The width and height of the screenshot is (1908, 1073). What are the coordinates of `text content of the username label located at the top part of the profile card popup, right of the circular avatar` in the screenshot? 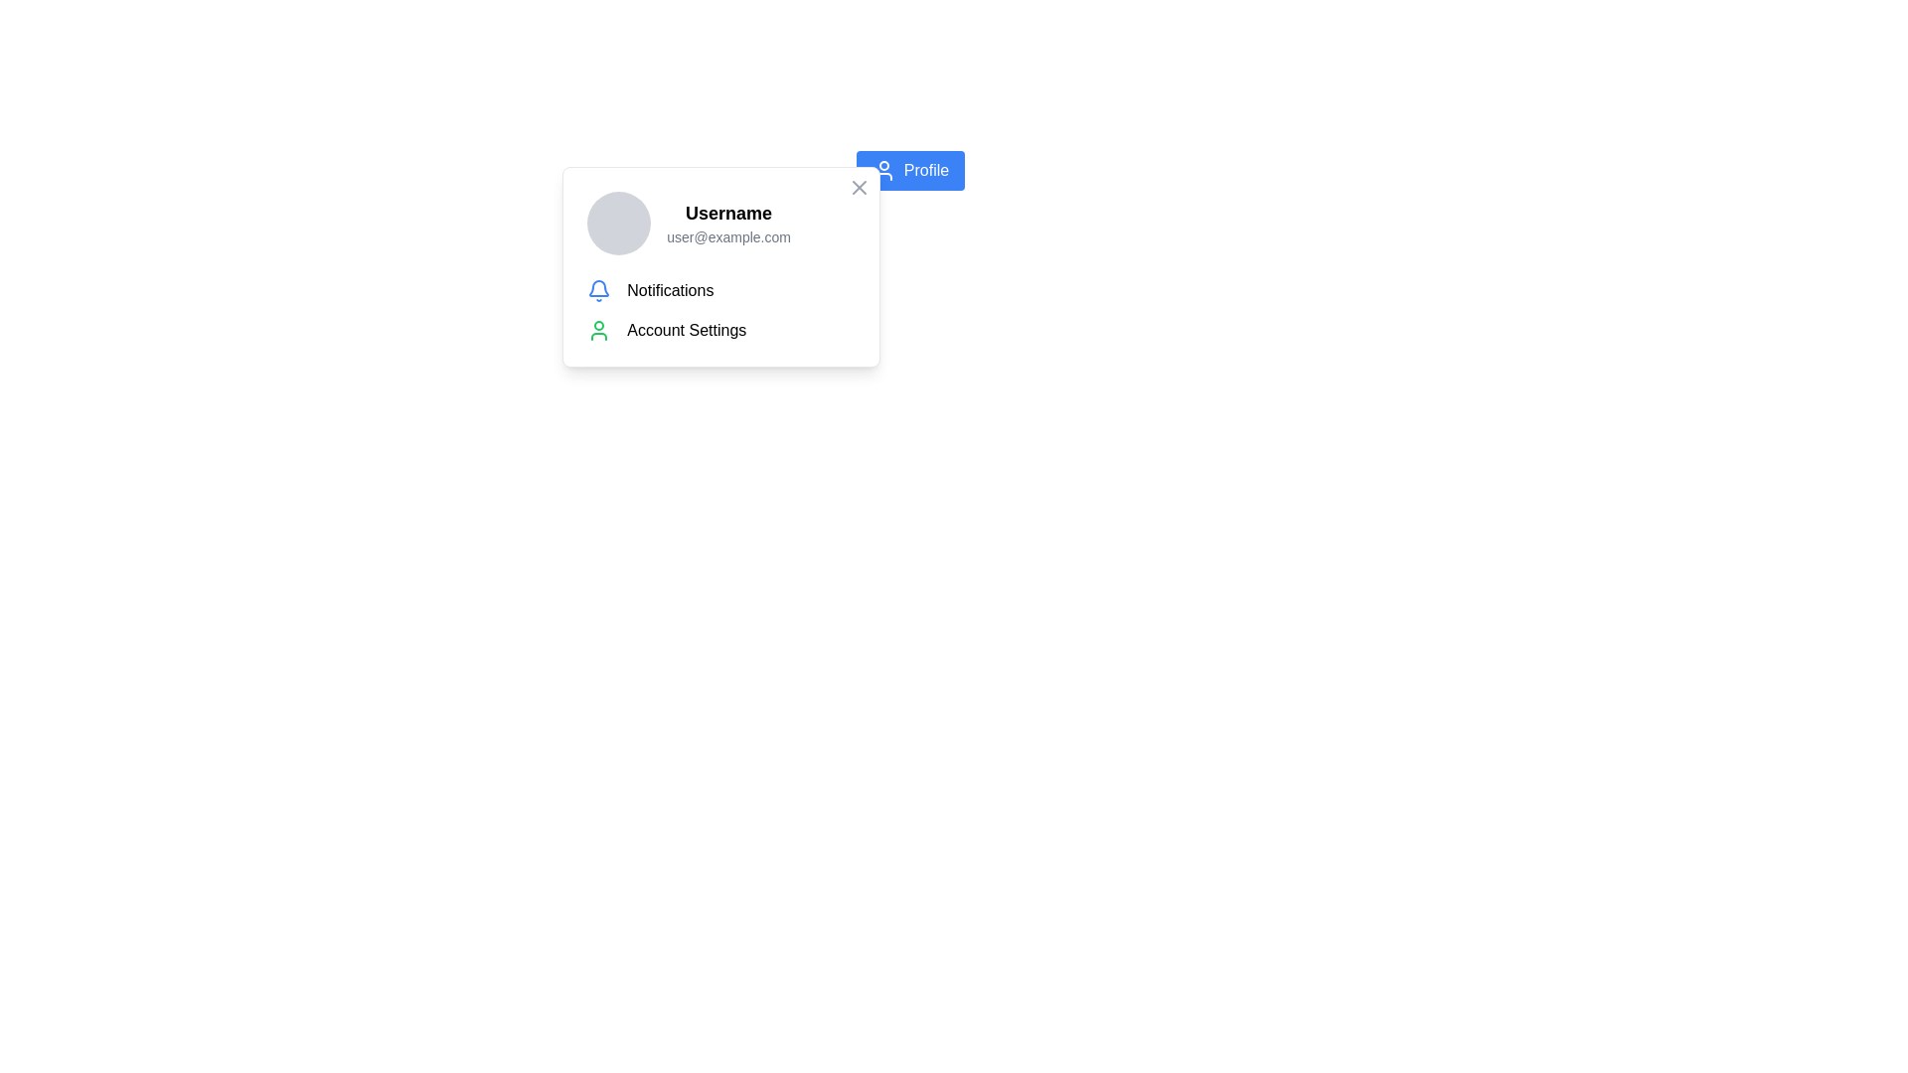 It's located at (727, 214).